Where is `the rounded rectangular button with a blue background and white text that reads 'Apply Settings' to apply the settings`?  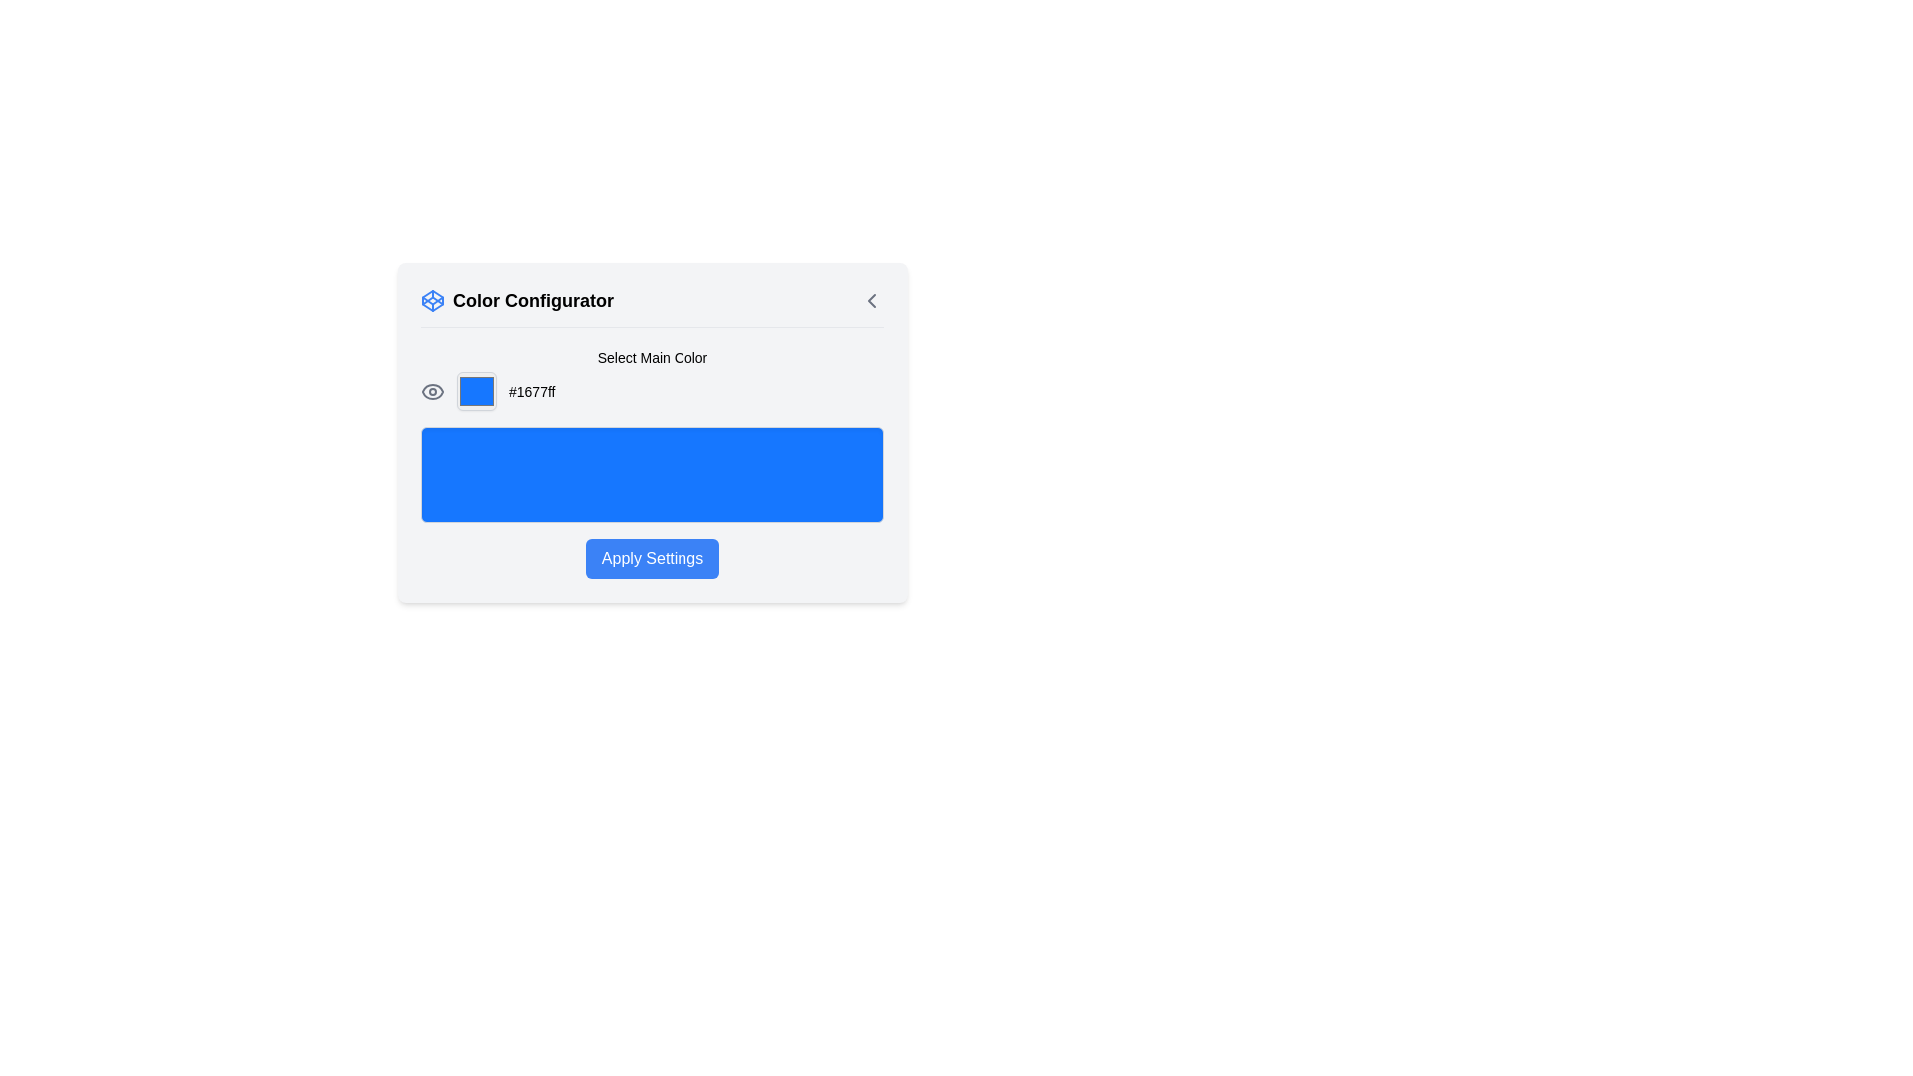 the rounded rectangular button with a blue background and white text that reads 'Apply Settings' to apply the settings is located at coordinates (652, 558).